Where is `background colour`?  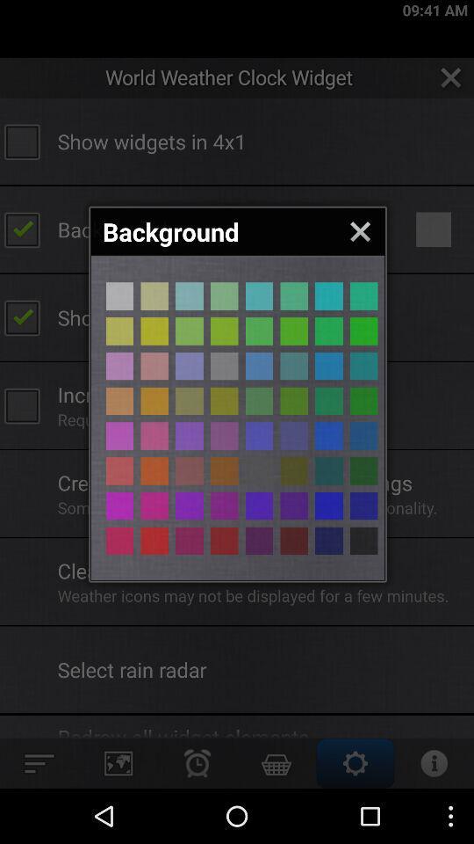
background colour is located at coordinates (294, 401).